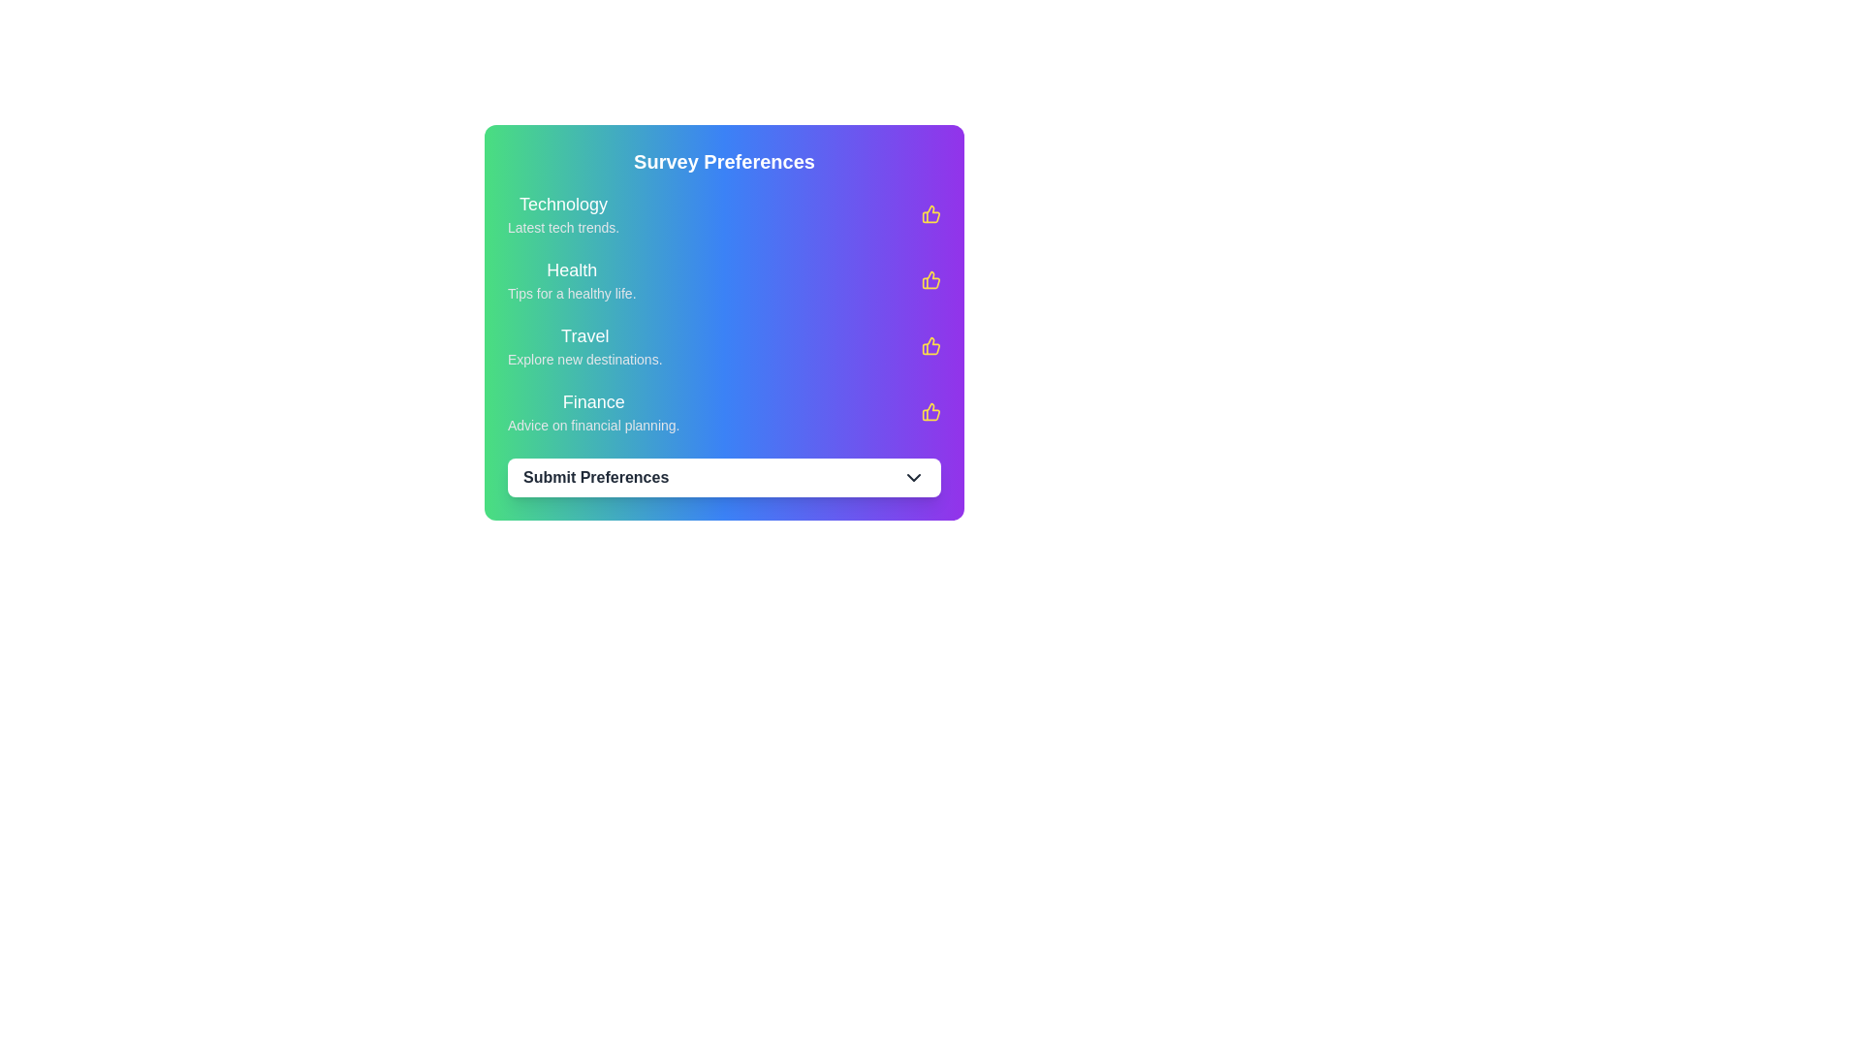 The width and height of the screenshot is (1861, 1047). Describe the element at coordinates (562, 227) in the screenshot. I see `the text label displaying 'Latest tech trends.' located beneath the 'Technology' title in the 'Survey Preferences' panel` at that location.